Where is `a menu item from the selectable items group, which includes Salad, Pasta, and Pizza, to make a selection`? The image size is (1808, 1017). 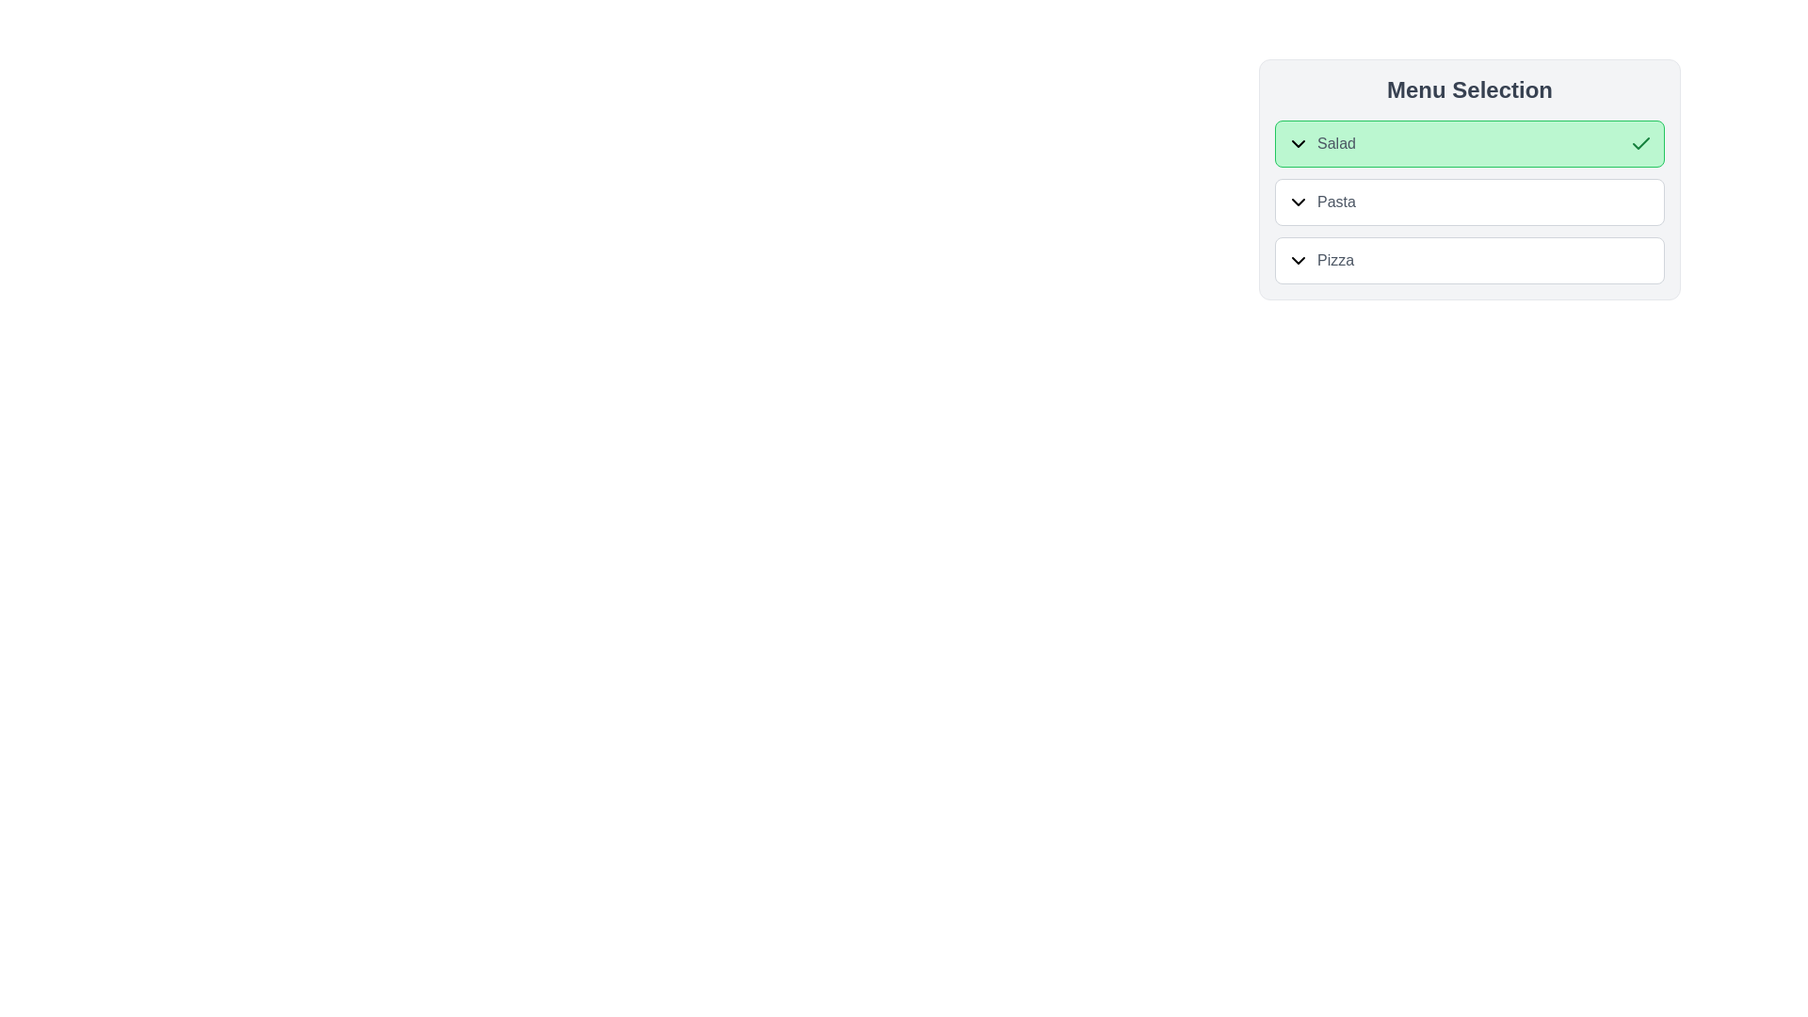 a menu item from the selectable items group, which includes Salad, Pasta, and Pizza, to make a selection is located at coordinates (1468, 180).